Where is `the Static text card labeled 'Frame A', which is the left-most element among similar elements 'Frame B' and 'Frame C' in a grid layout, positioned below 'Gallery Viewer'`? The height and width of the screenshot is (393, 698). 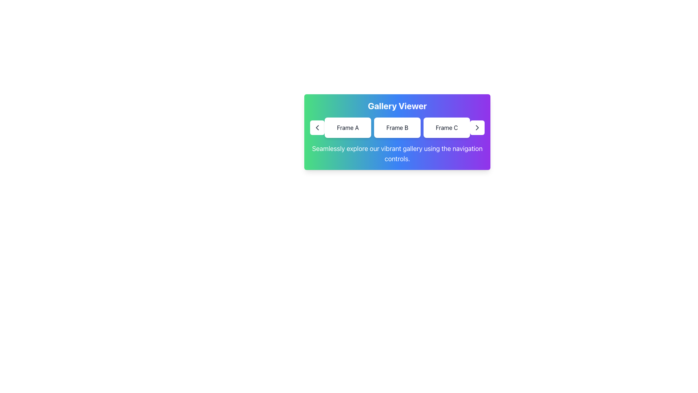 the Static text card labeled 'Frame A', which is the left-most element among similar elements 'Frame B' and 'Frame C' in a grid layout, positioned below 'Gallery Viewer' is located at coordinates (347, 127).